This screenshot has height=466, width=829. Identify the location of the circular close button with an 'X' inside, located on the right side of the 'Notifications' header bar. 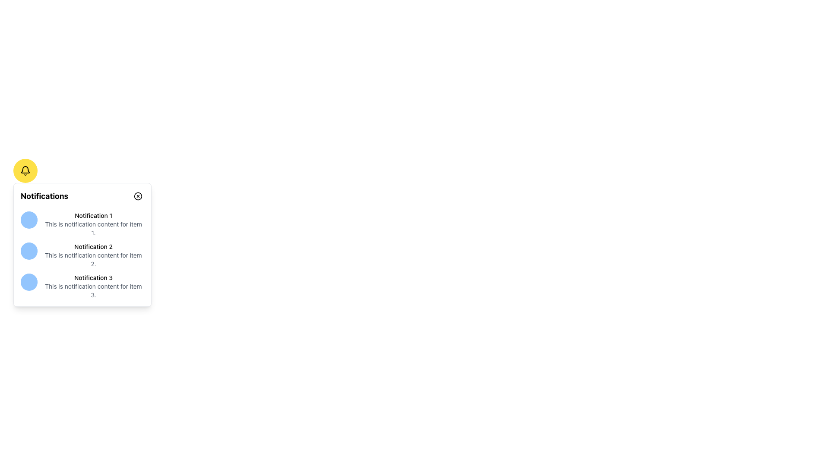
(138, 196).